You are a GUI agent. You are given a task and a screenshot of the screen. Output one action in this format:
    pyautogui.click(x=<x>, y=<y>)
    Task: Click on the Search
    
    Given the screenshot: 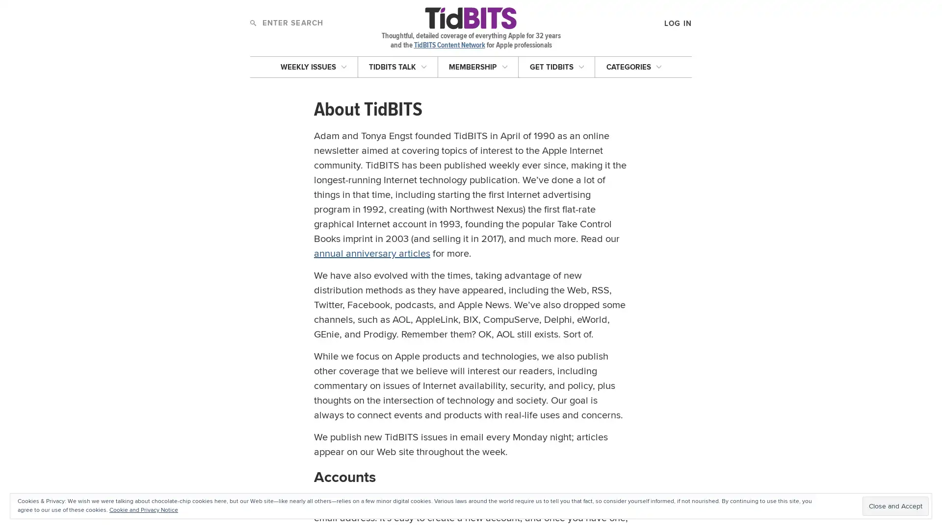 What is the action you would take?
    pyautogui.click(x=253, y=22)
    